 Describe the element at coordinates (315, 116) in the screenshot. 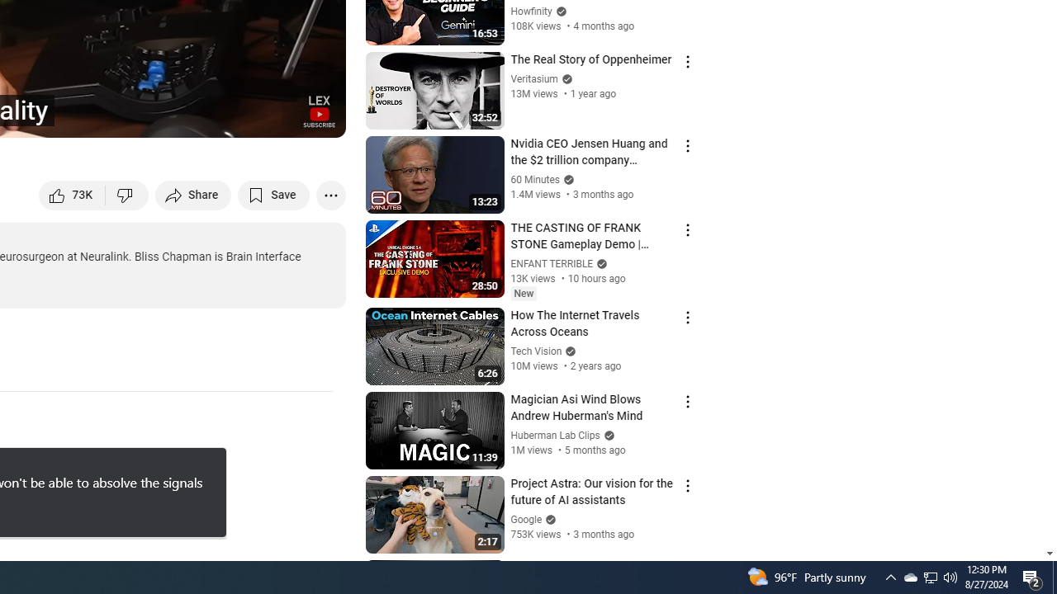

I see `'Full screen (f)'` at that location.